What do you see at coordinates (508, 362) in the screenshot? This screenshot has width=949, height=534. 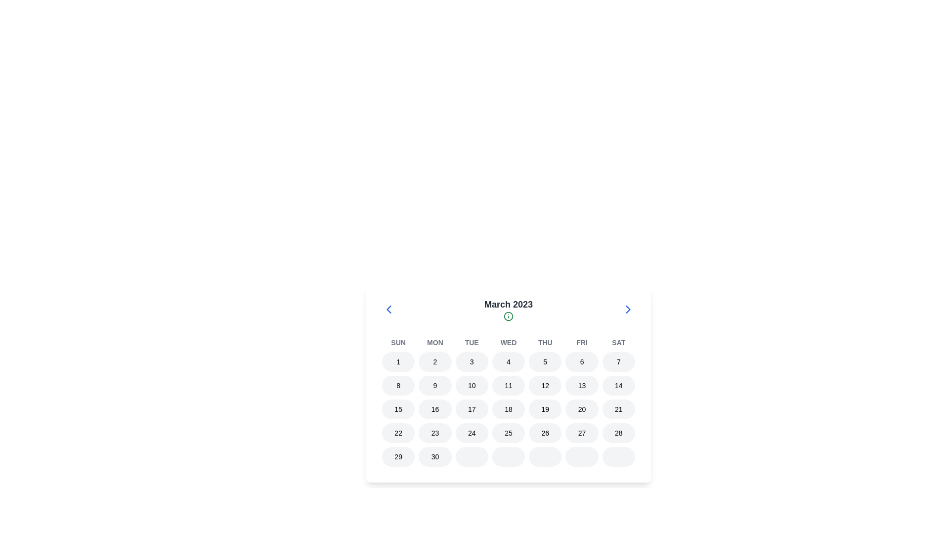 I see `the circular button with the text '4' to trigger a visual change` at bounding box center [508, 362].